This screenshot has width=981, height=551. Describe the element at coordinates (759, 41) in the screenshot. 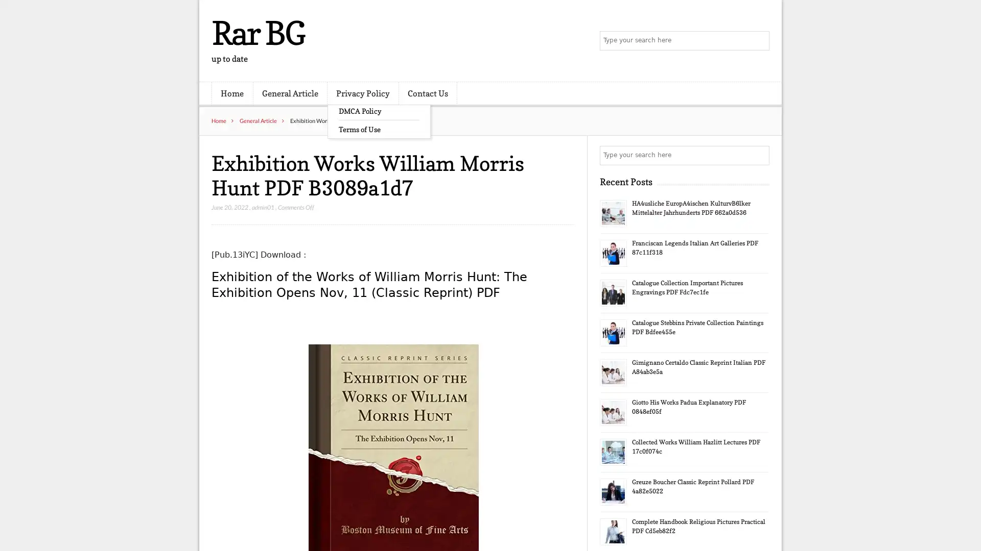

I see `Search` at that location.